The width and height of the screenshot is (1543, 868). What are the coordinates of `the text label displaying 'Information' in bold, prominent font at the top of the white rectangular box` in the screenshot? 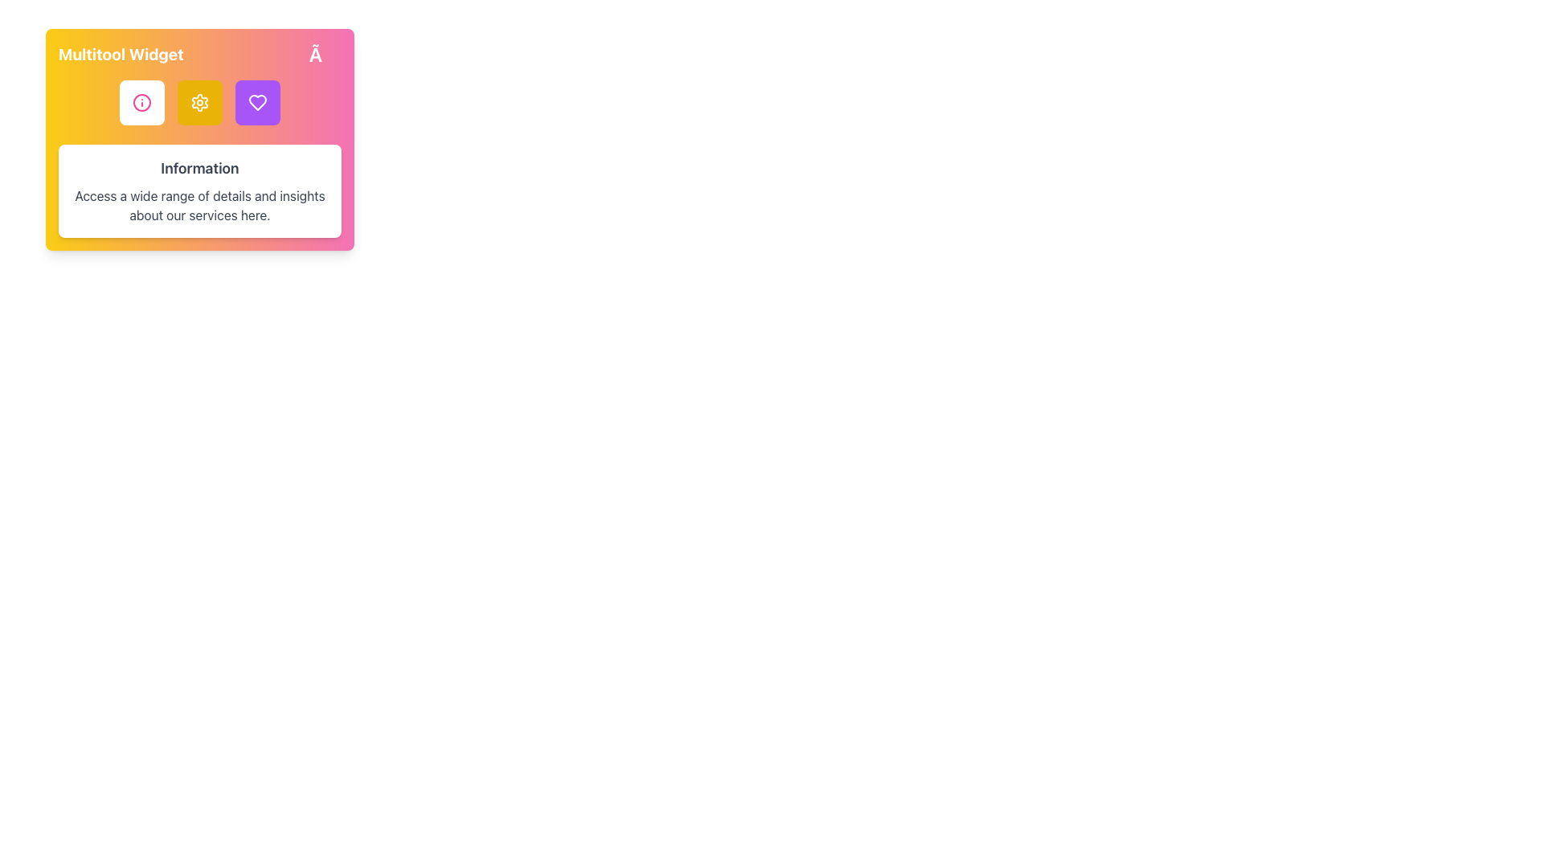 It's located at (199, 168).